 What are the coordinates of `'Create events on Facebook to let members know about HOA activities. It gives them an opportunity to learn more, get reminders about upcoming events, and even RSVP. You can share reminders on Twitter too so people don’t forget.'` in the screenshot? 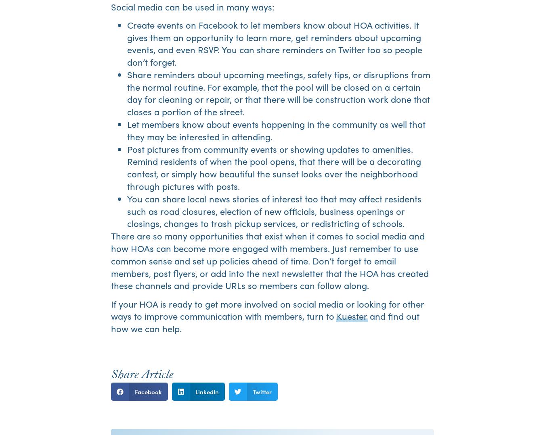 It's located at (274, 43).